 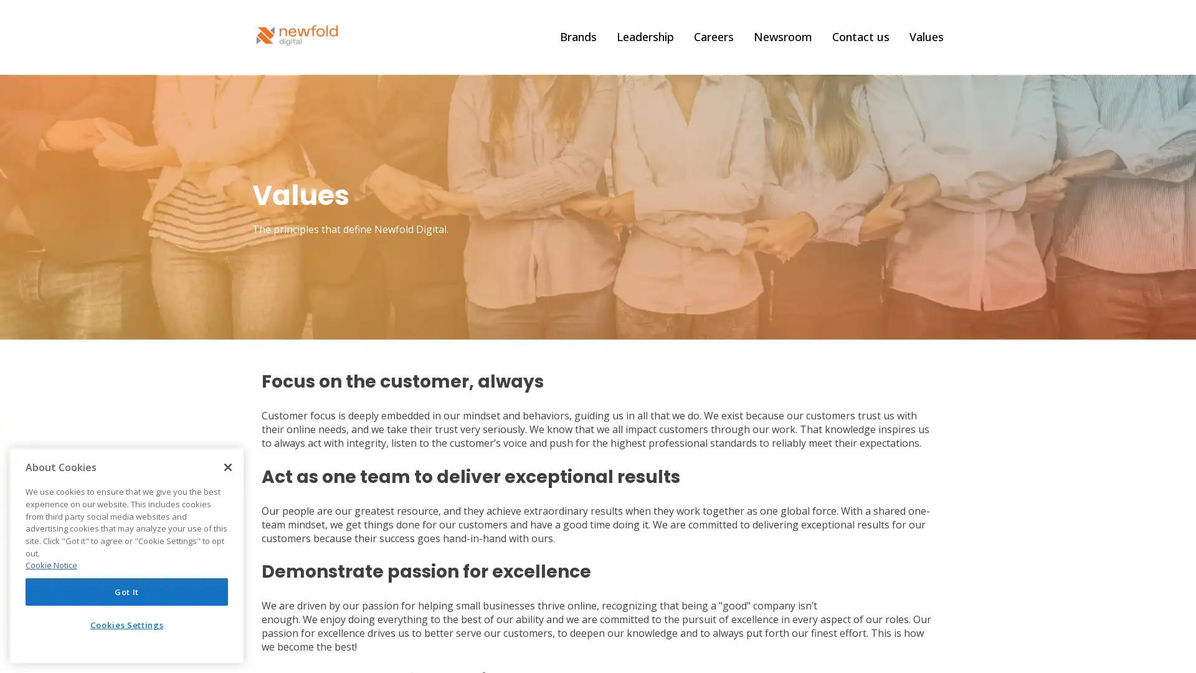 What do you see at coordinates (126, 624) in the screenshot?
I see `Cookies Settings` at bounding box center [126, 624].